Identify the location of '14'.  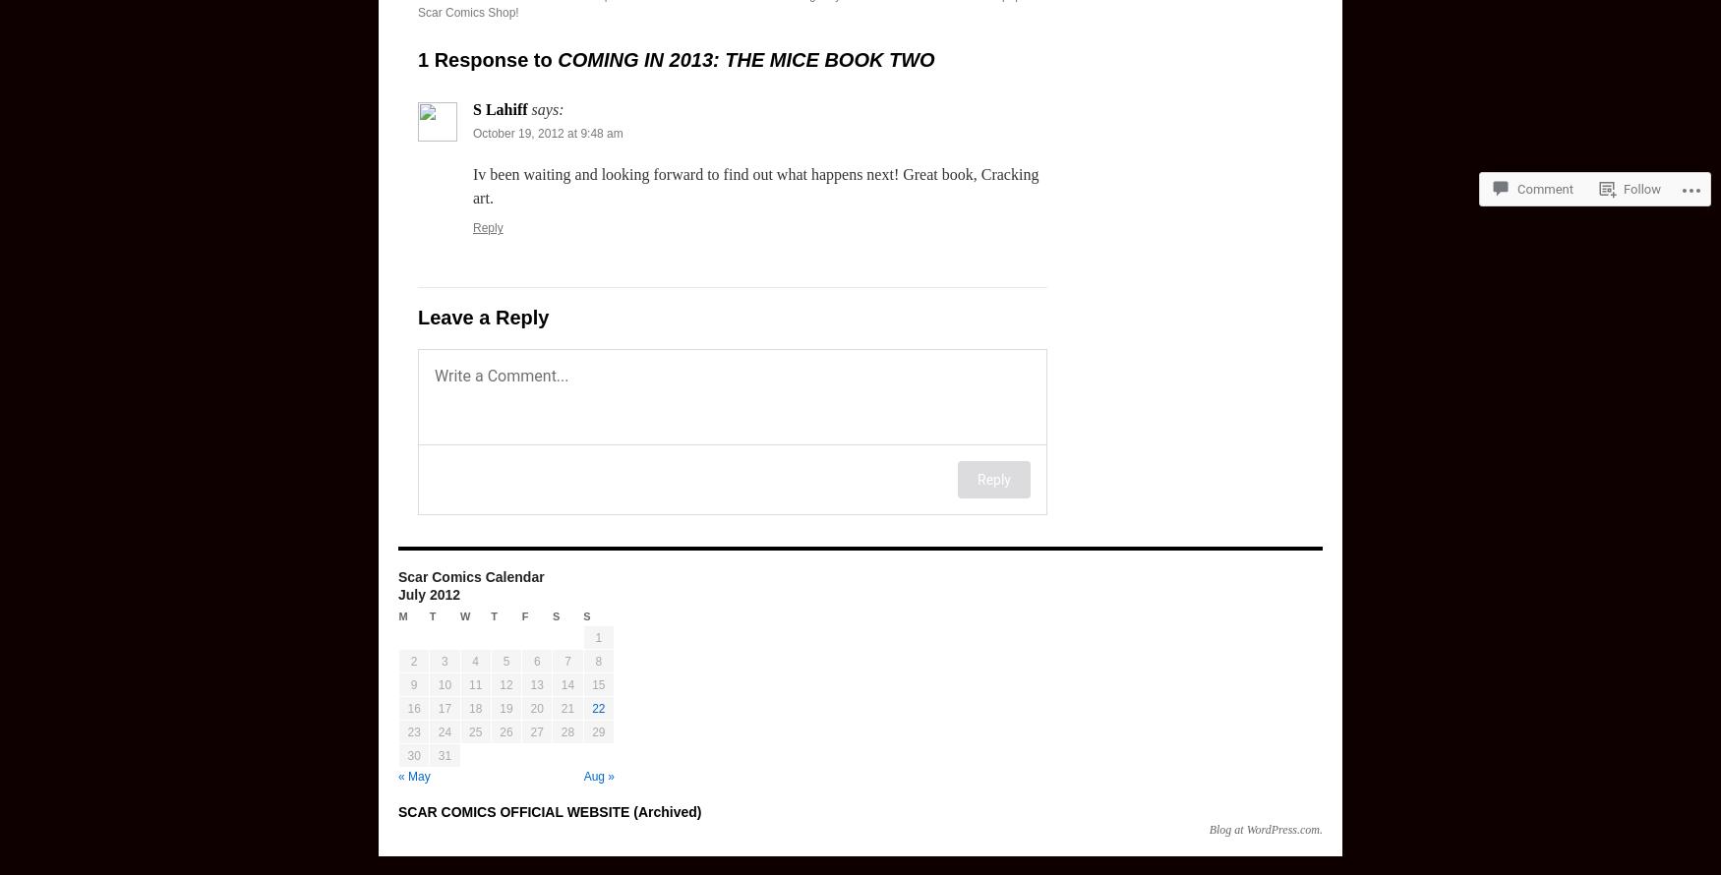
(566, 683).